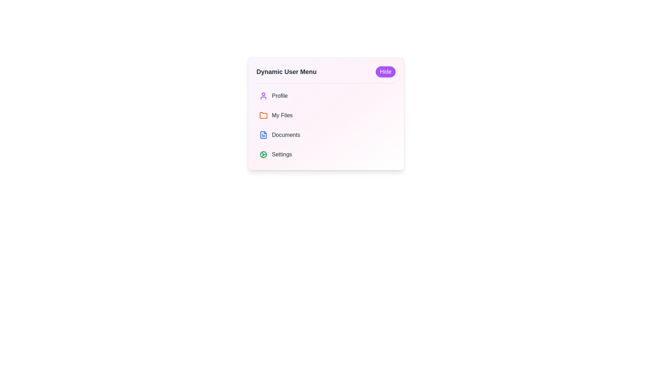  I want to click on the text label indicating settings, which is the last item in a vertically stacked menu below 'Documents', so click(282, 154).